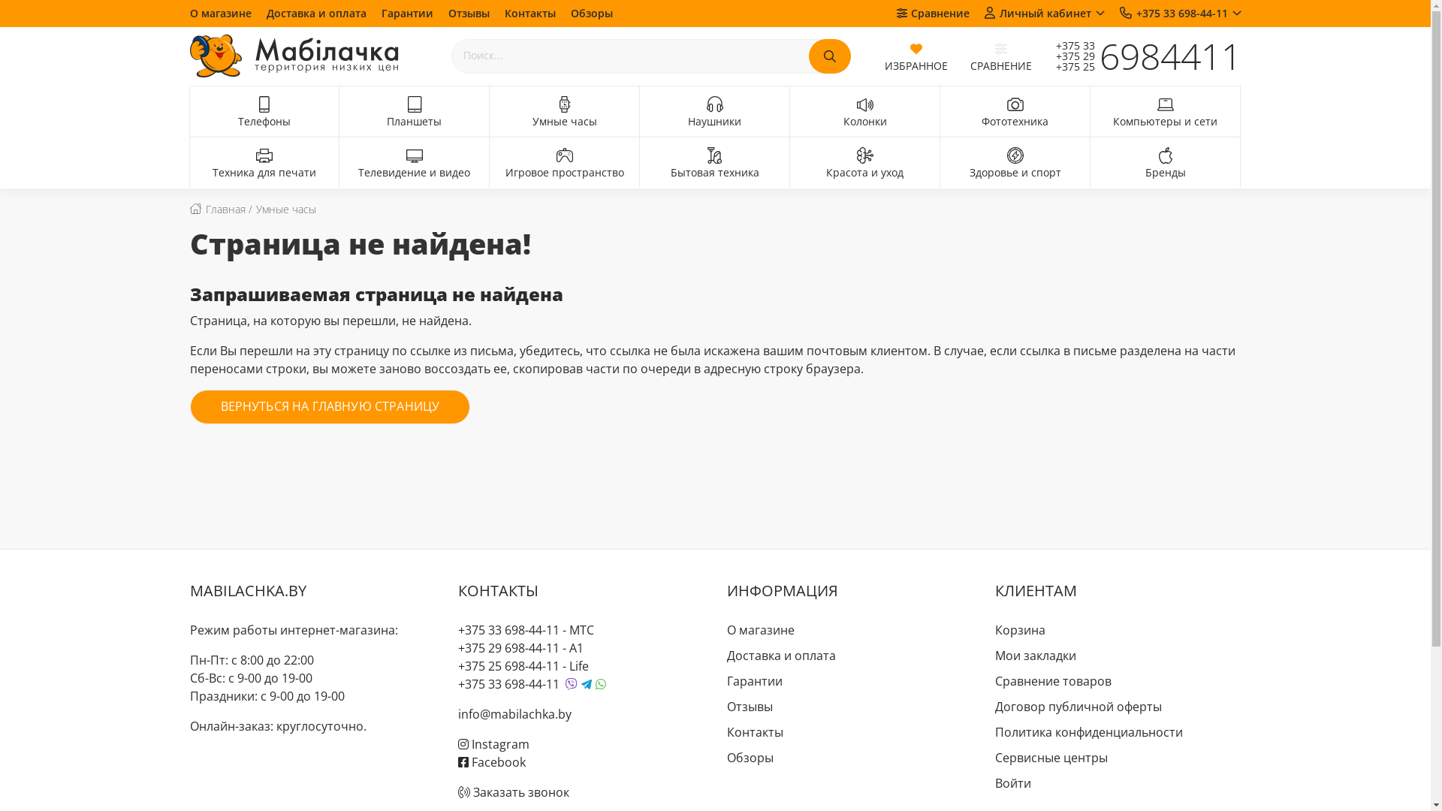 The width and height of the screenshot is (1442, 811). Describe the element at coordinates (565, 683) in the screenshot. I see `'Viber'` at that location.